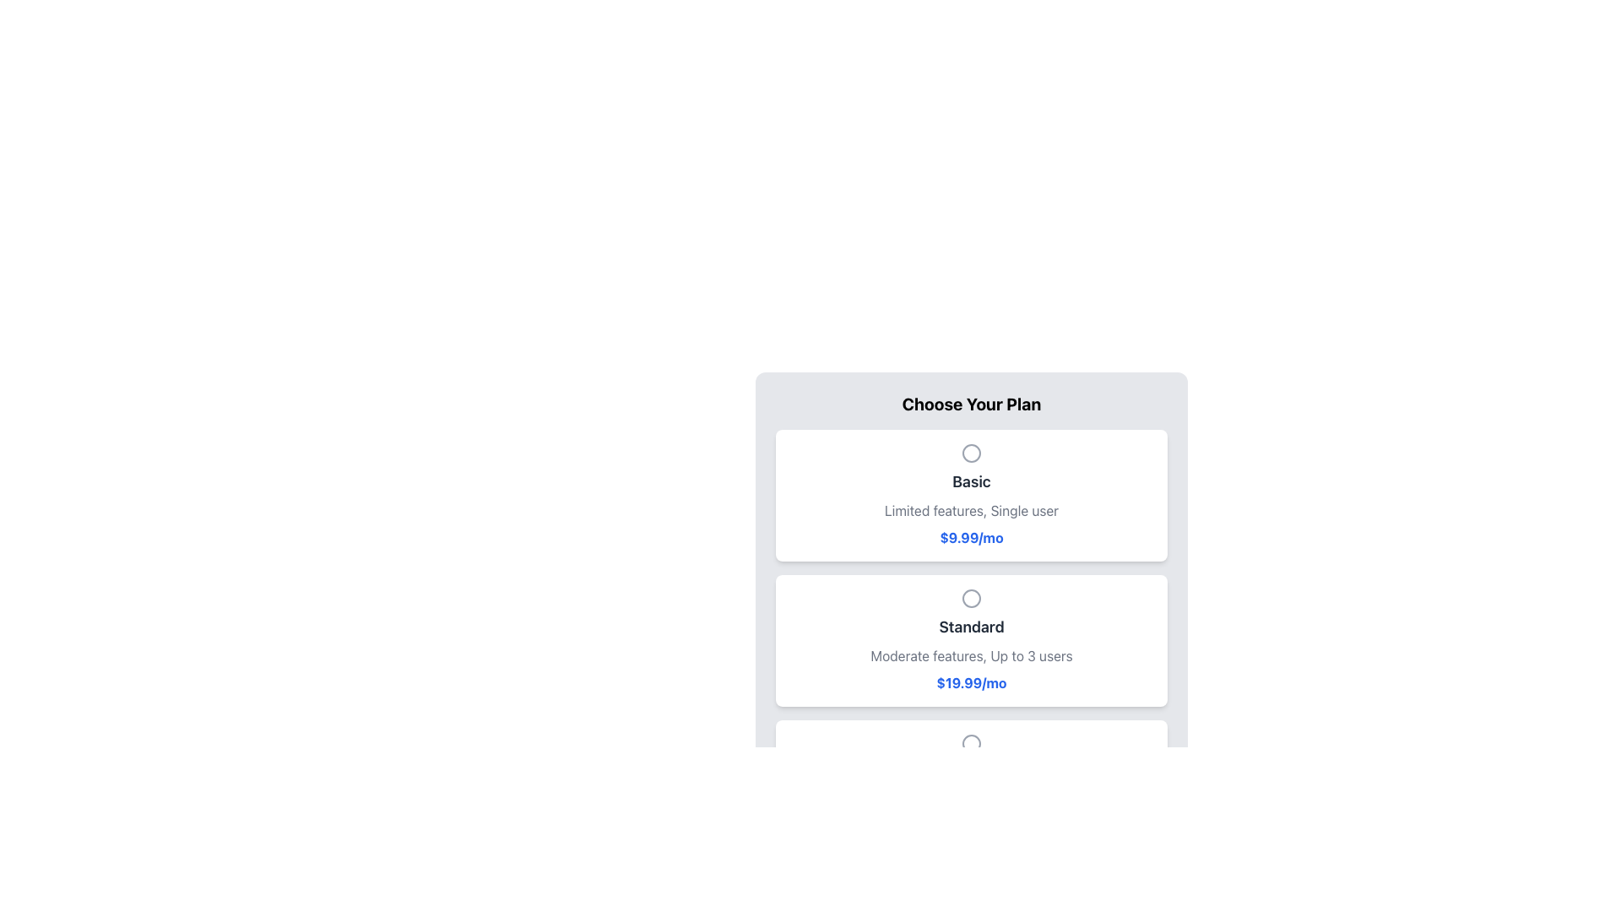  I want to click on the 'Basic' pricing plan title text label, which is a bold text element positioned at the center-top of the selection box, so click(972, 481).